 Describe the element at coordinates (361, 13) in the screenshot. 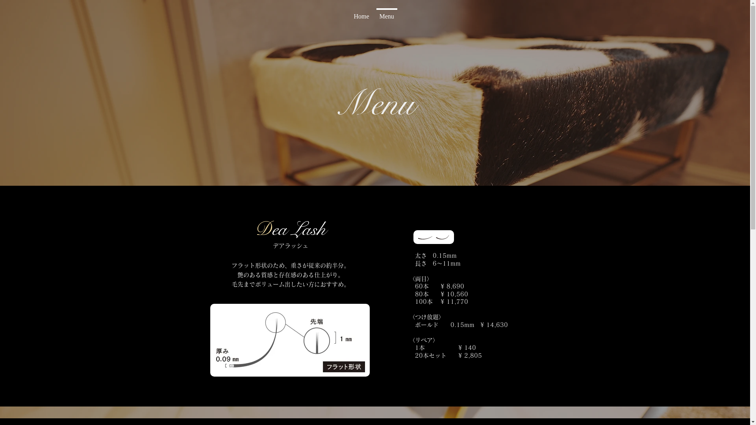

I see `'Home'` at that location.